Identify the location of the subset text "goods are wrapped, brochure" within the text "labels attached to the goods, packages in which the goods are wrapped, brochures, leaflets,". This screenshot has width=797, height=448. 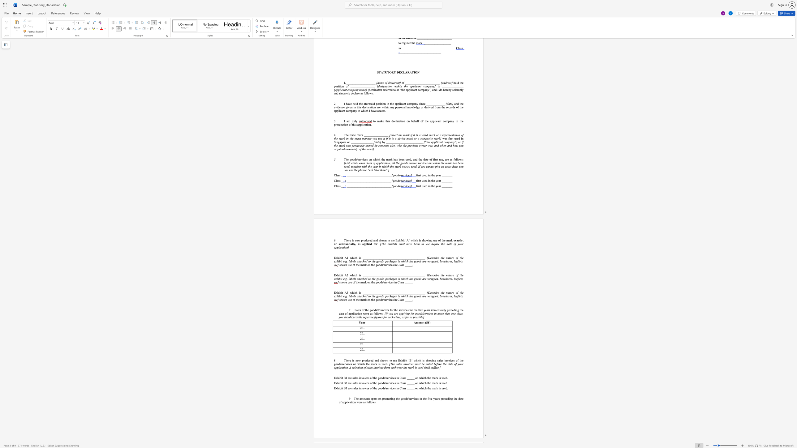
(414, 278).